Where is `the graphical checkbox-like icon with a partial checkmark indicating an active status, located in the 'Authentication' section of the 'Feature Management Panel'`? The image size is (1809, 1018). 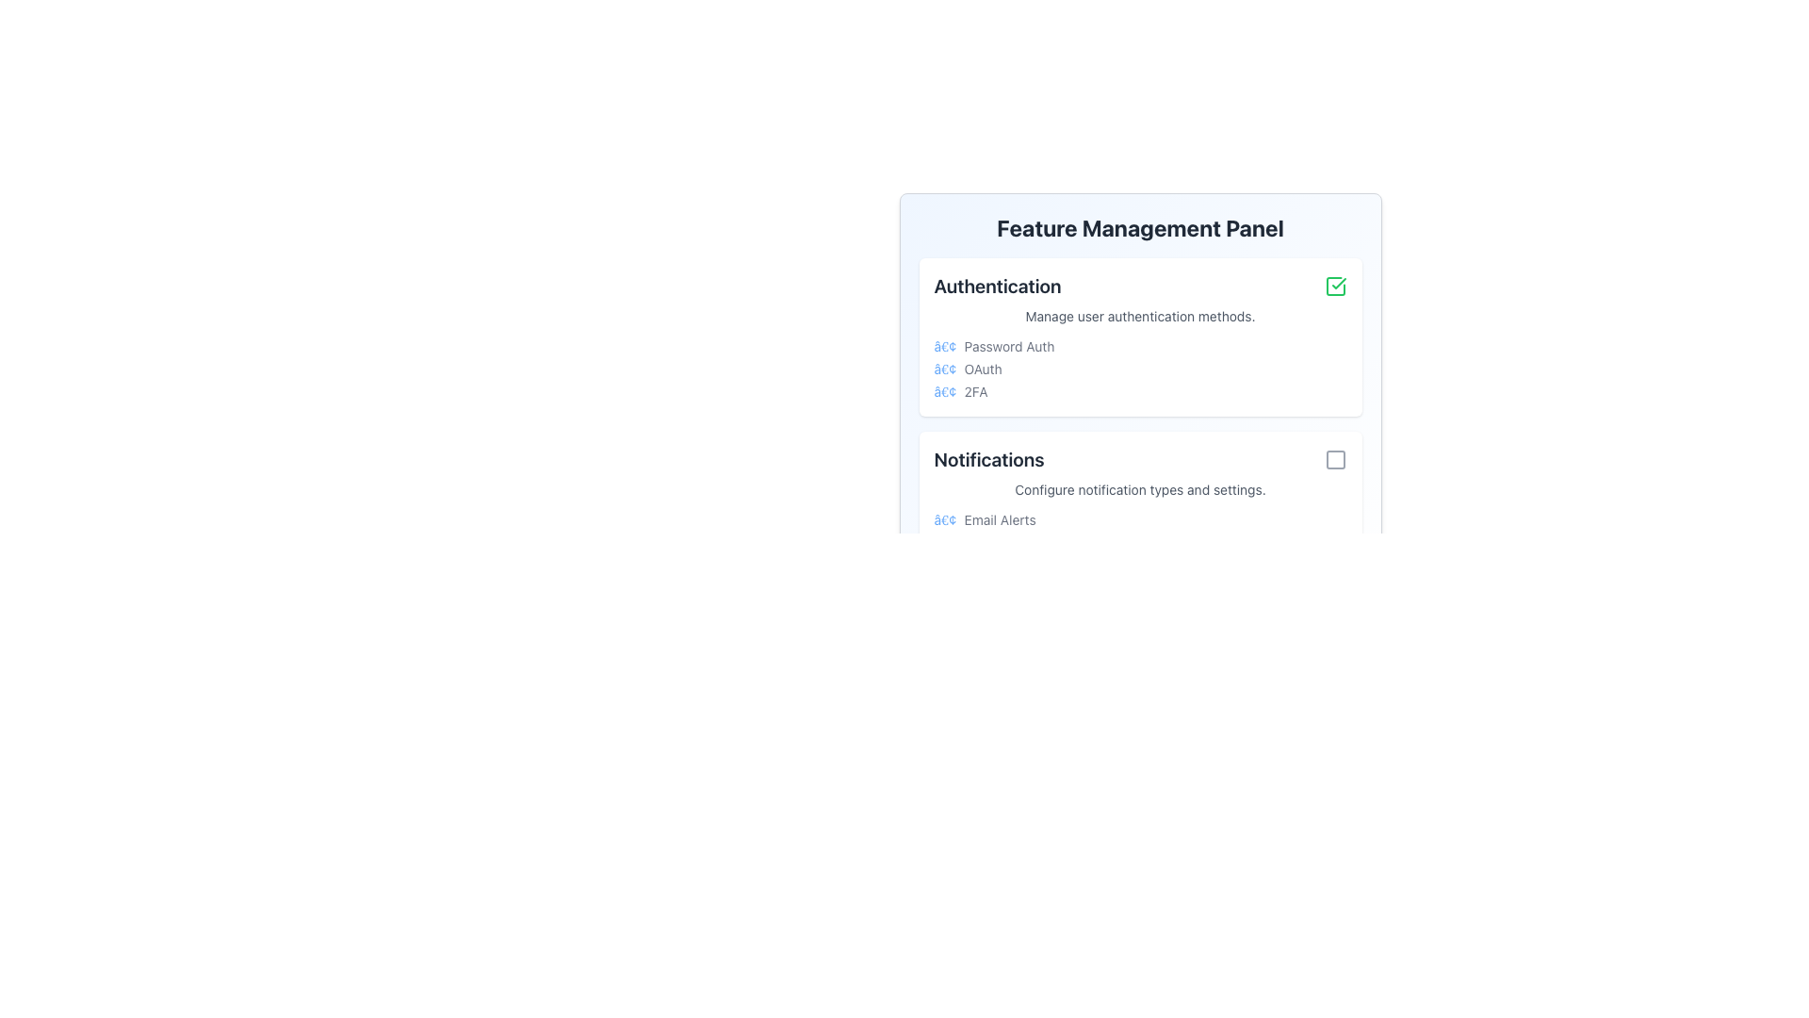 the graphical checkbox-like icon with a partial checkmark indicating an active status, located in the 'Authentication' section of the 'Feature Management Panel' is located at coordinates (1334, 287).